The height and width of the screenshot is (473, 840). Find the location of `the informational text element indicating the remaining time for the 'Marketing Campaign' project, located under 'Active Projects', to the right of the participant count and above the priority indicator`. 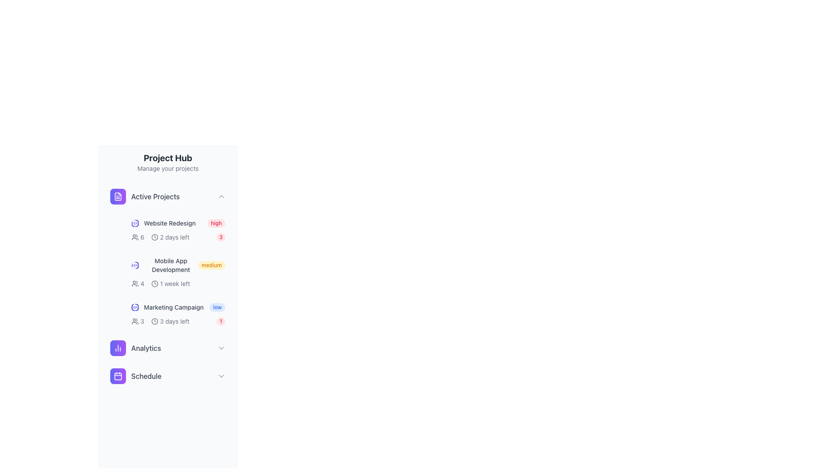

the informational text element indicating the remaining time for the 'Marketing Campaign' project, located under 'Active Projects', to the right of the participant count and above the priority indicator is located at coordinates (170, 321).